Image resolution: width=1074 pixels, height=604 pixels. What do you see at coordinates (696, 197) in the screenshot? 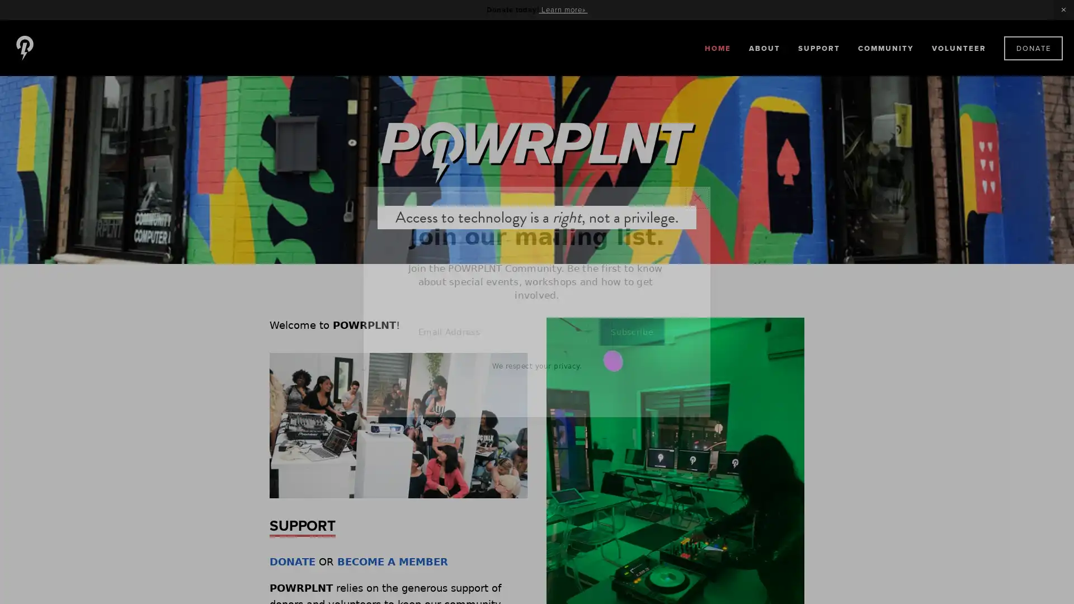
I see `Close` at bounding box center [696, 197].